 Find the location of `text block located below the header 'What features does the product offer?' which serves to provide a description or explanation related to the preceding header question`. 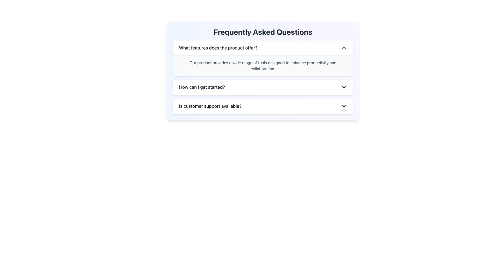

text block located below the header 'What features does the product offer?' which serves to provide a description or explanation related to the preceding header question is located at coordinates (262, 65).